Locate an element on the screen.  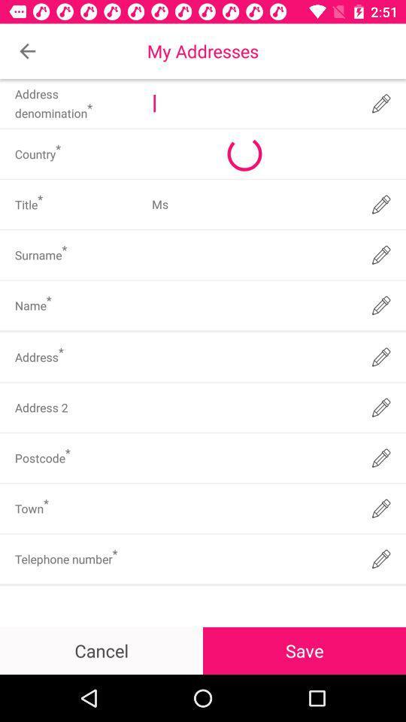
address is located at coordinates (252, 356).